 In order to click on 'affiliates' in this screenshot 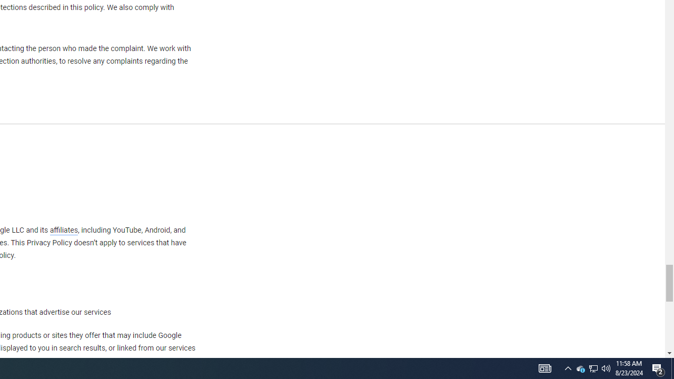, I will do `click(63, 230)`.